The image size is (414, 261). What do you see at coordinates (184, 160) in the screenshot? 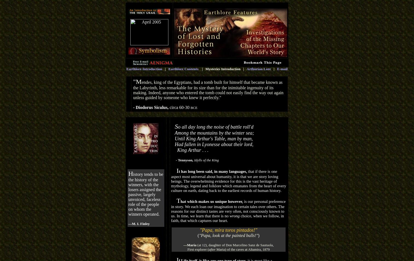
I see `'- Tennyson,'` at bounding box center [184, 160].